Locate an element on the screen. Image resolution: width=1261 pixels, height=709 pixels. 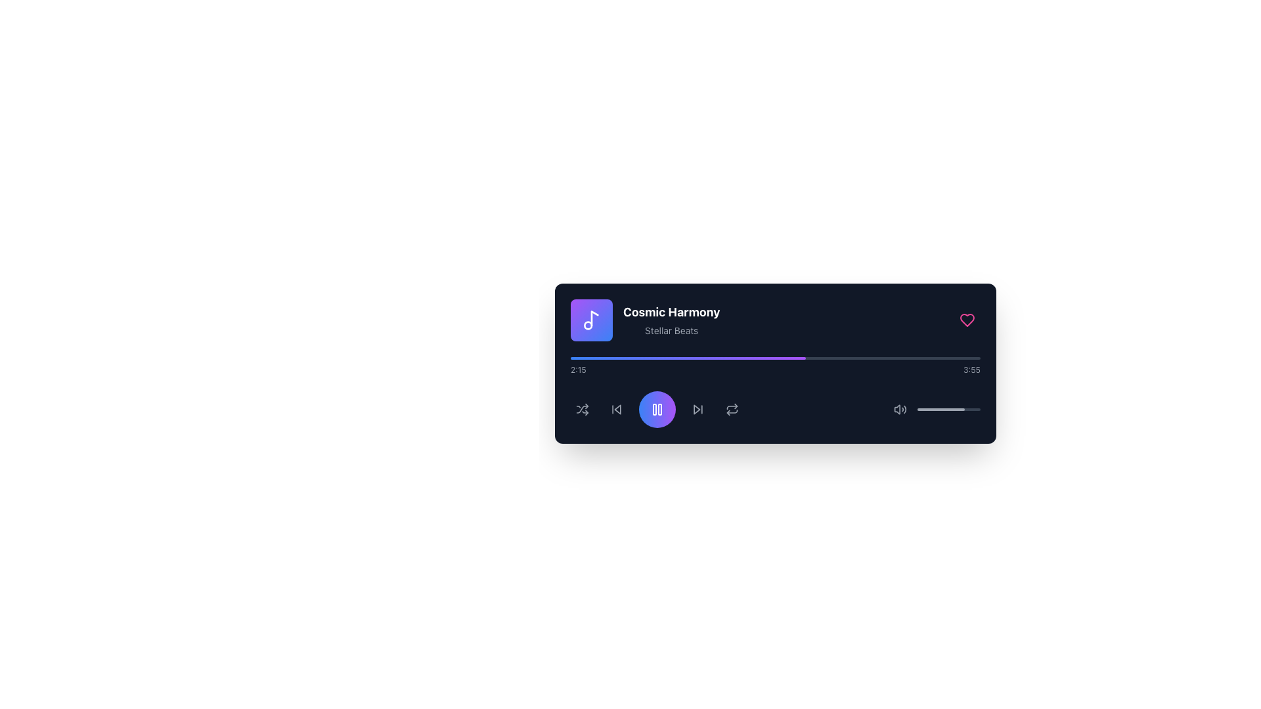
the current playback position is located at coordinates (877, 358).